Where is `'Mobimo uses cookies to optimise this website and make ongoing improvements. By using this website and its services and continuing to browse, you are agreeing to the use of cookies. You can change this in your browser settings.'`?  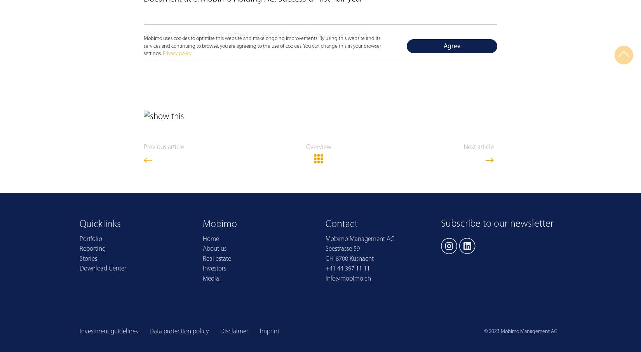 'Mobimo uses cookies to optimise this website and make ongoing improvements. By using this website and its services and continuing to browse, you are agreeing to the use of cookies. You can change this in your browser settings.' is located at coordinates (143, 45).